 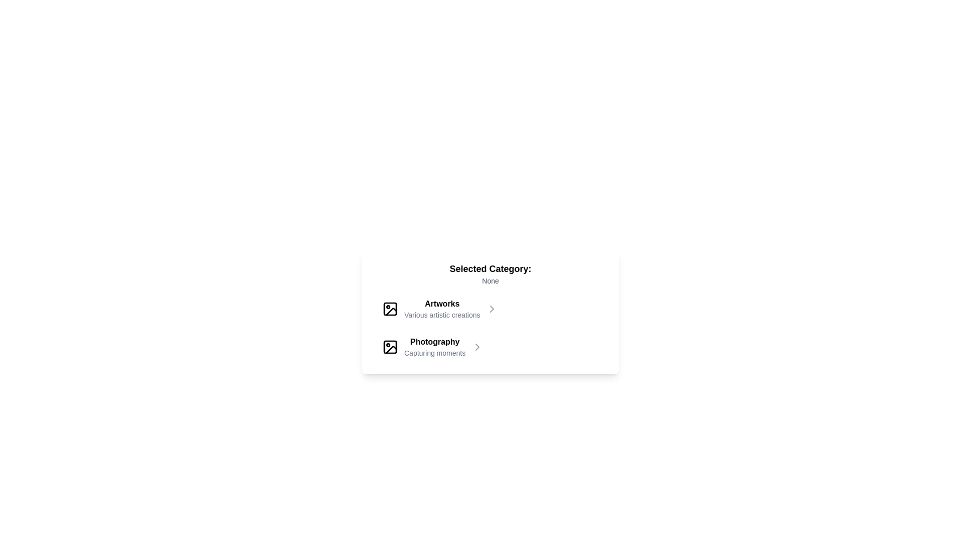 I want to click on the navigation icon located at the end of the 'Photography' list item, which leads to further details related to the 'Photography' category, so click(x=477, y=347).